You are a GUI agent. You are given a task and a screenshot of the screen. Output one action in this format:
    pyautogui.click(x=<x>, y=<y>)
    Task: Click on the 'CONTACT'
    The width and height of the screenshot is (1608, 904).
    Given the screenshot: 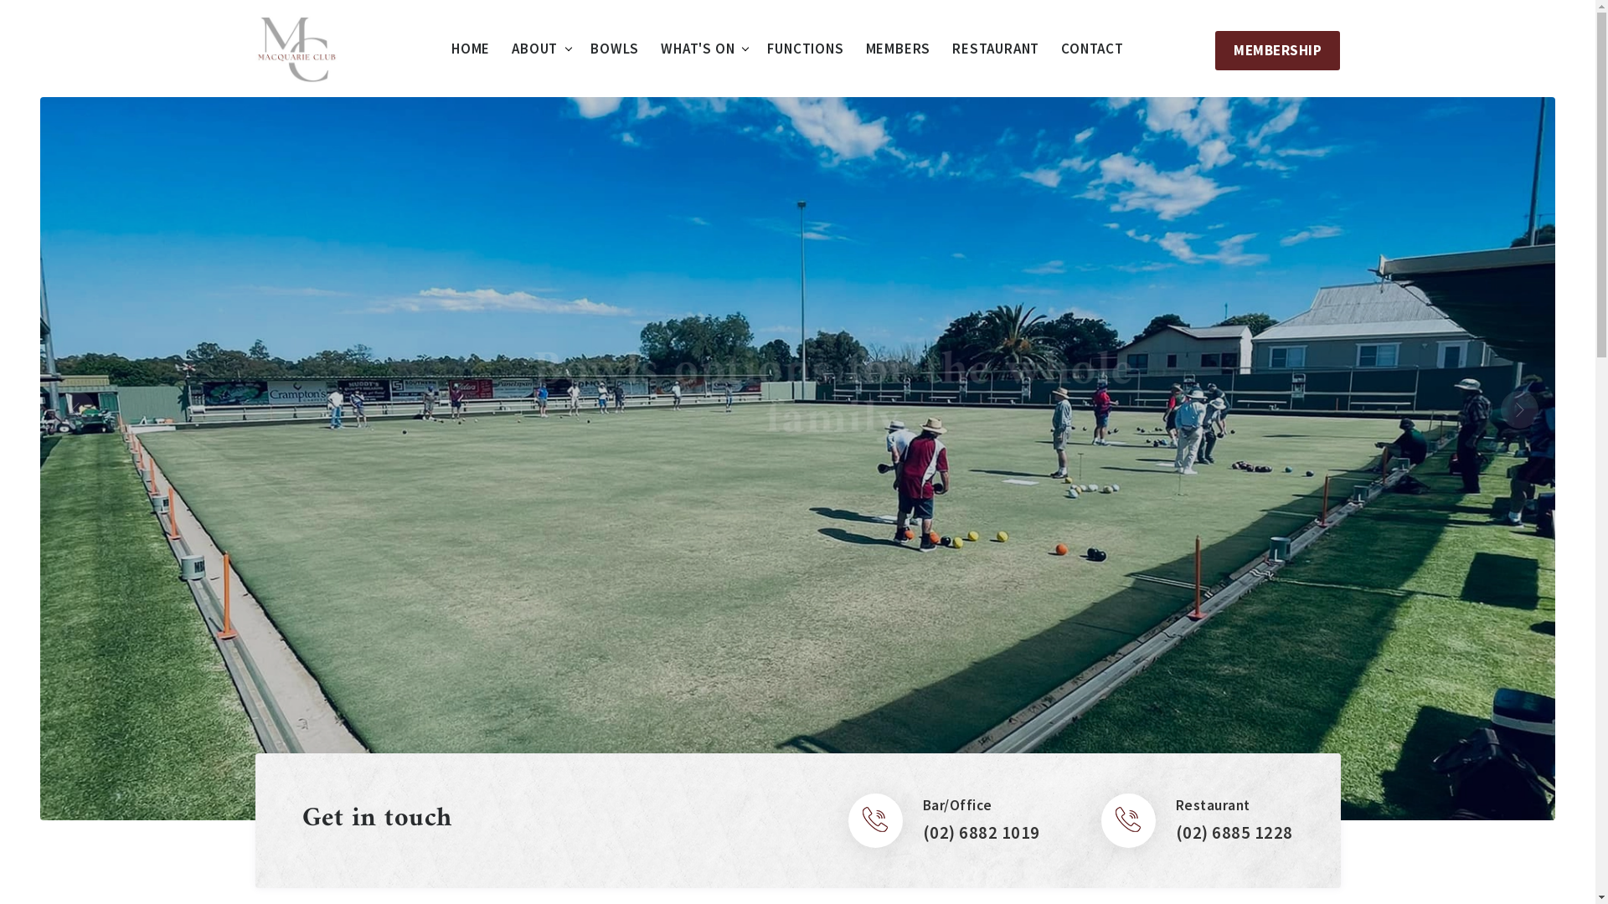 What is the action you would take?
    pyautogui.click(x=1092, y=48)
    